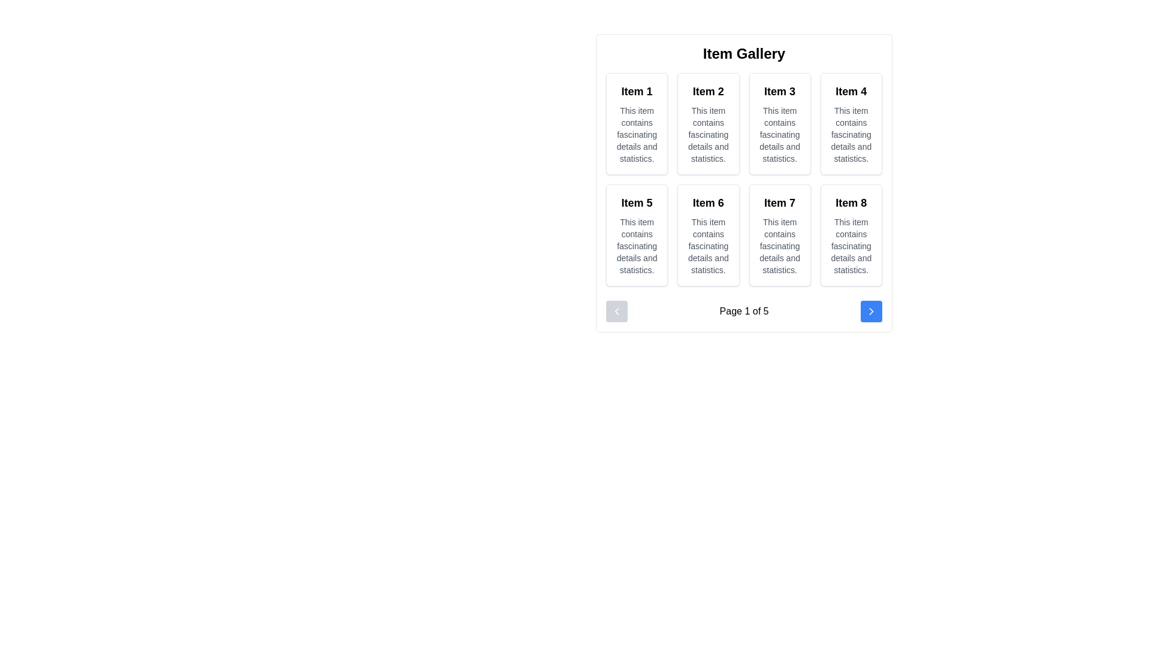  Describe the element at coordinates (871, 311) in the screenshot. I see `the right-pointing arrow icon in the pagination control section` at that location.